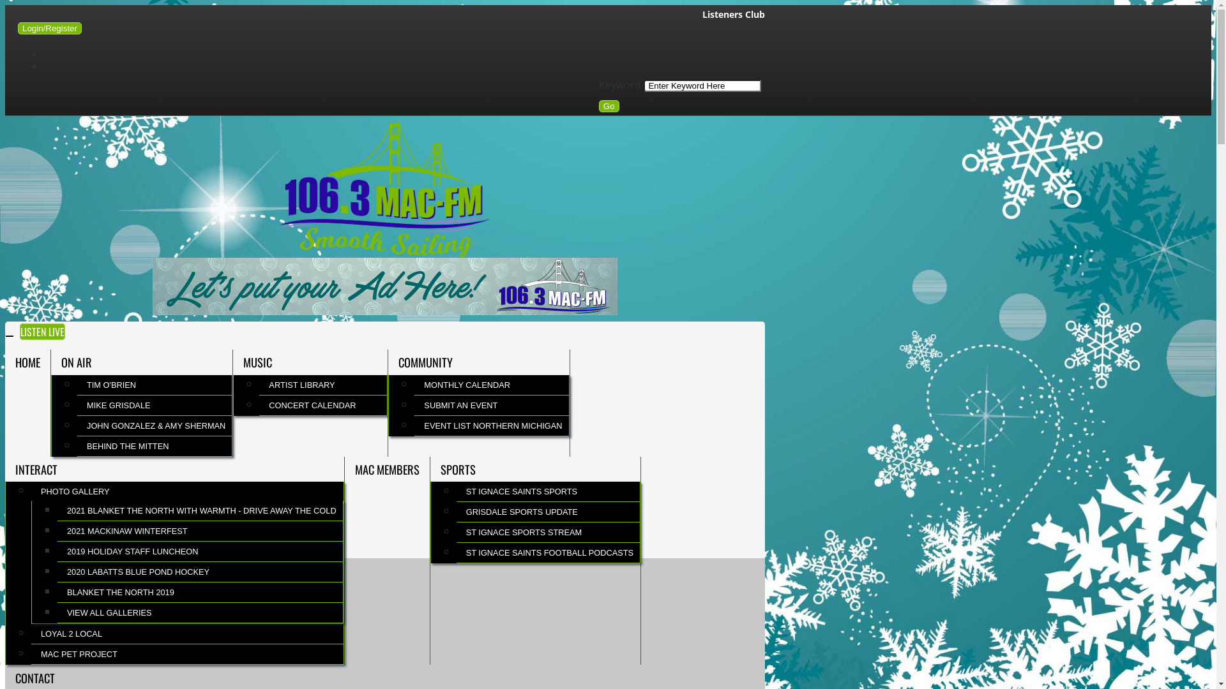 This screenshot has height=689, width=1226. What do you see at coordinates (548, 532) in the screenshot?
I see `'ST IGNACE SPORTS STREAM'` at bounding box center [548, 532].